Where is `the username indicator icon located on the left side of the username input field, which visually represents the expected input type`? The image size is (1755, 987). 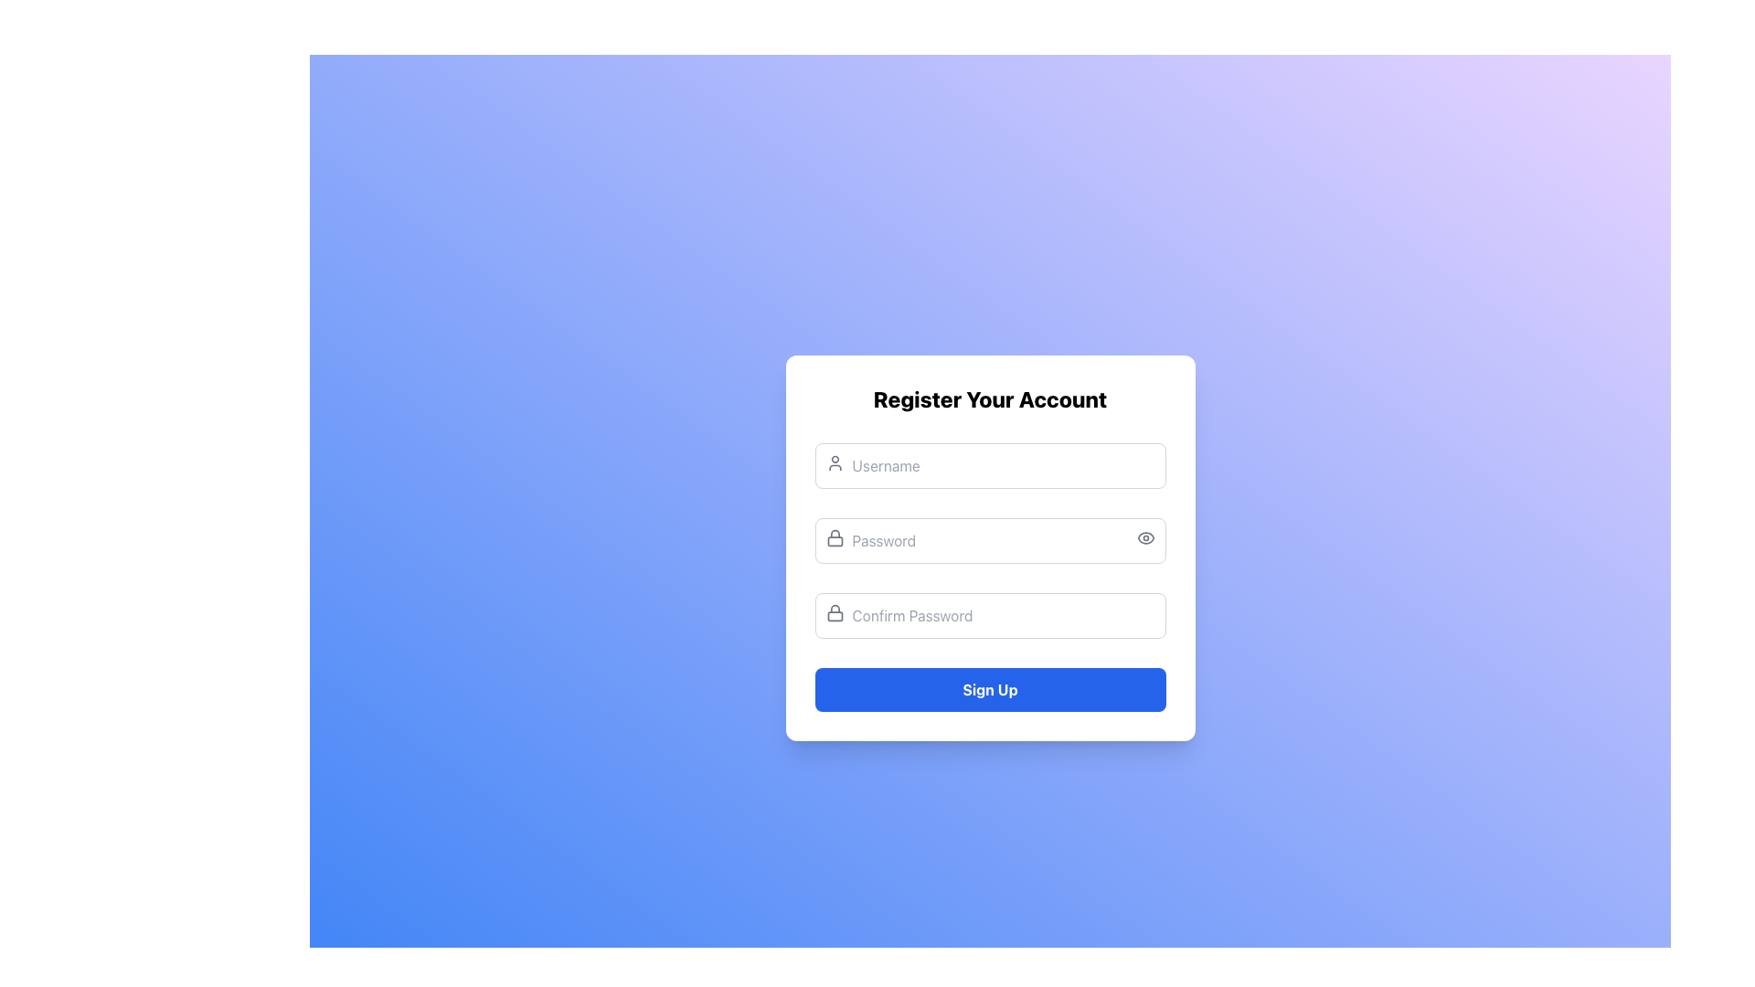 the username indicator icon located on the left side of the username input field, which visually represents the expected input type is located at coordinates (834, 462).